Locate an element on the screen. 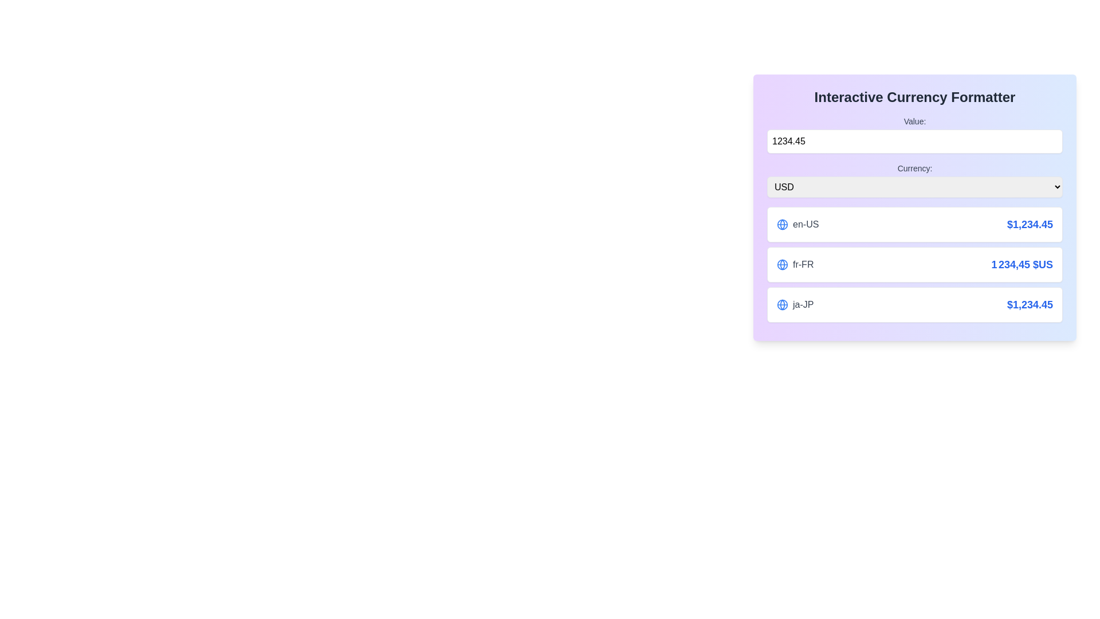 This screenshot has width=1100, height=619. the second currency display element in the vertically aligned list, which shows the value formatted according to the French locale, located between the 'en-US' and 'ja-JP' formats is located at coordinates (914, 265).